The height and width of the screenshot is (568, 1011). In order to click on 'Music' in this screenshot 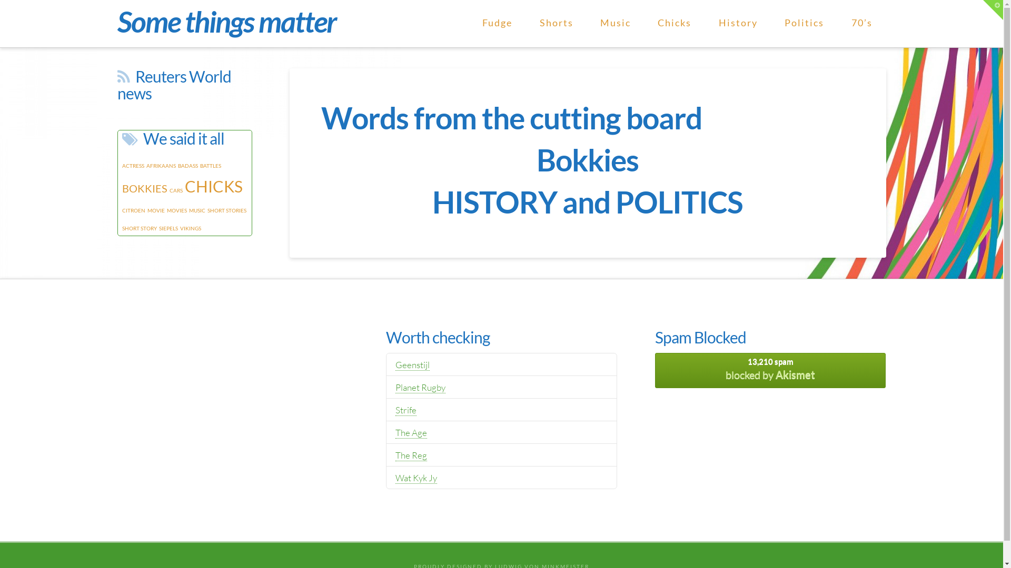, I will do `click(615, 24)`.